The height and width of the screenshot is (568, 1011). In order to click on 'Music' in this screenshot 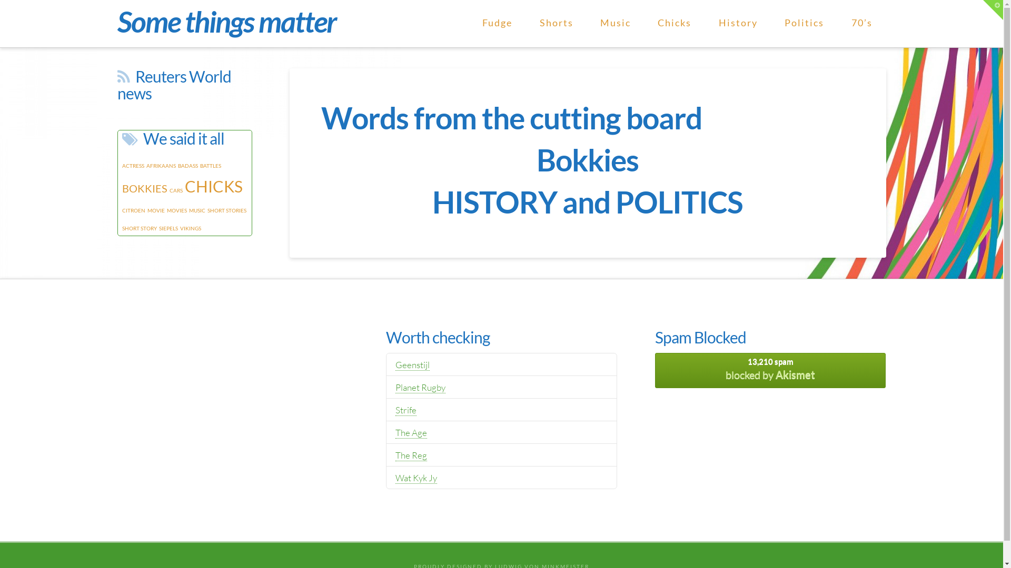, I will do `click(615, 24)`.